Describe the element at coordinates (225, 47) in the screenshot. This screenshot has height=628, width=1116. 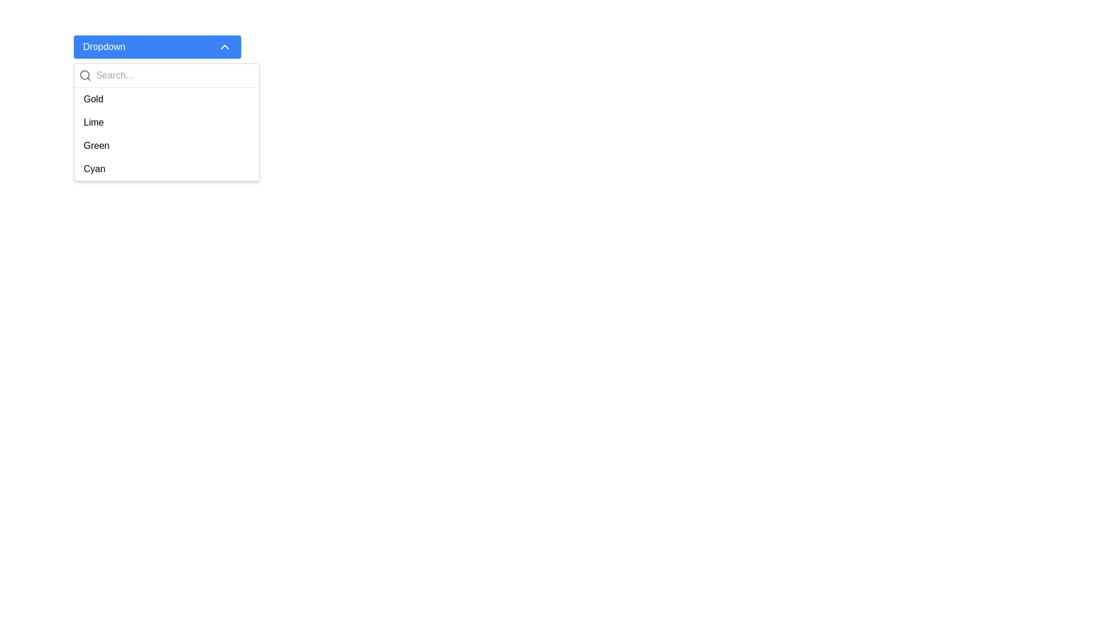
I see `the upward-facing chevron icon located on the right side of the 'Dropdown' button` at that location.